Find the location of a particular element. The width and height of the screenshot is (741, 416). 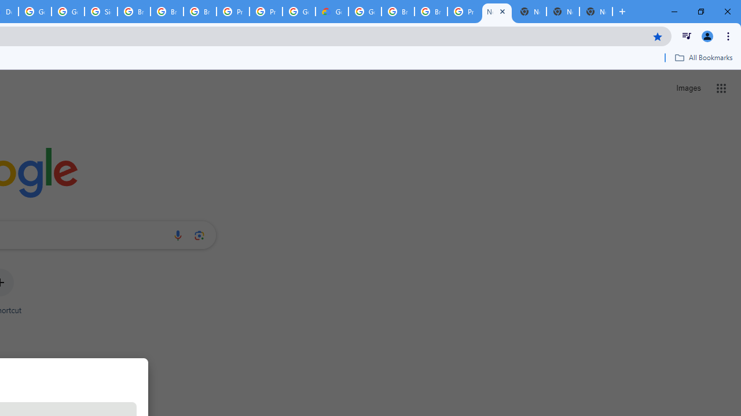

'Google Cloud Platform' is located at coordinates (364, 12).